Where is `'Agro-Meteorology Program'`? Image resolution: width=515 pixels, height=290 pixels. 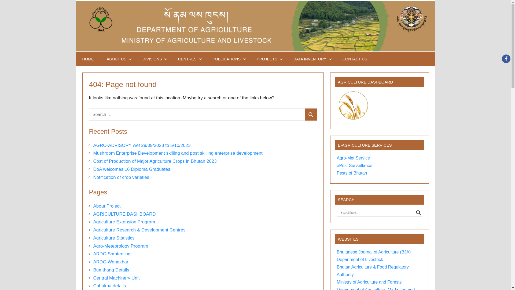
'Agro-Meteorology Program' is located at coordinates (120, 246).